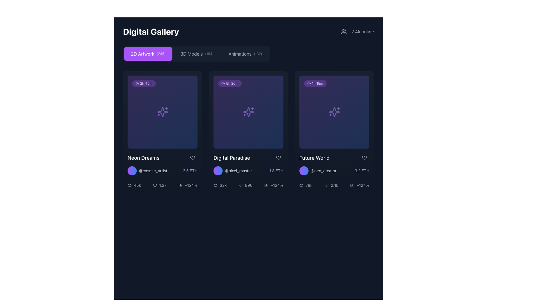  I want to click on the Text label indicating a performance or growth metric located at the bottom-right corner of the second card (Digital Paradise), so click(277, 185).